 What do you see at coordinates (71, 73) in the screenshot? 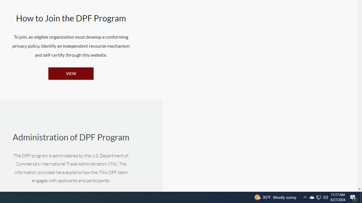
I see `'VIEW'` at bounding box center [71, 73].